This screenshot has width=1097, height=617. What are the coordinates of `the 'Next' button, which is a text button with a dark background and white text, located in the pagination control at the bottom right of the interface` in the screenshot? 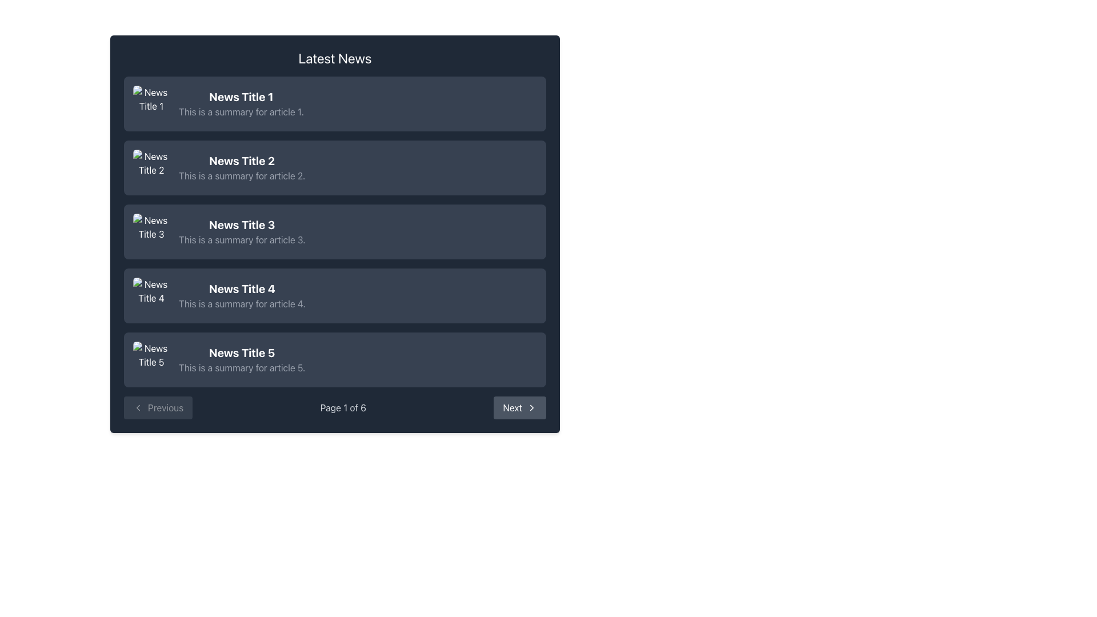 It's located at (519, 407).